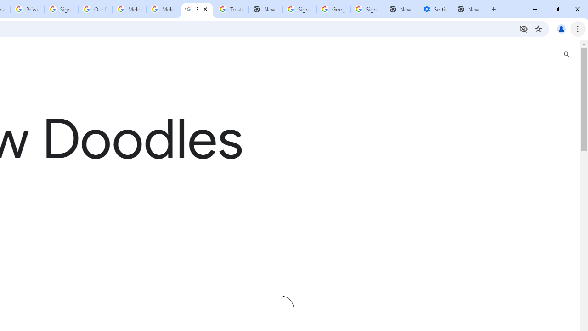 The width and height of the screenshot is (588, 331). Describe the element at coordinates (332, 9) in the screenshot. I see `'Google Cybersecurity Innovations - Google Safety Center'` at that location.